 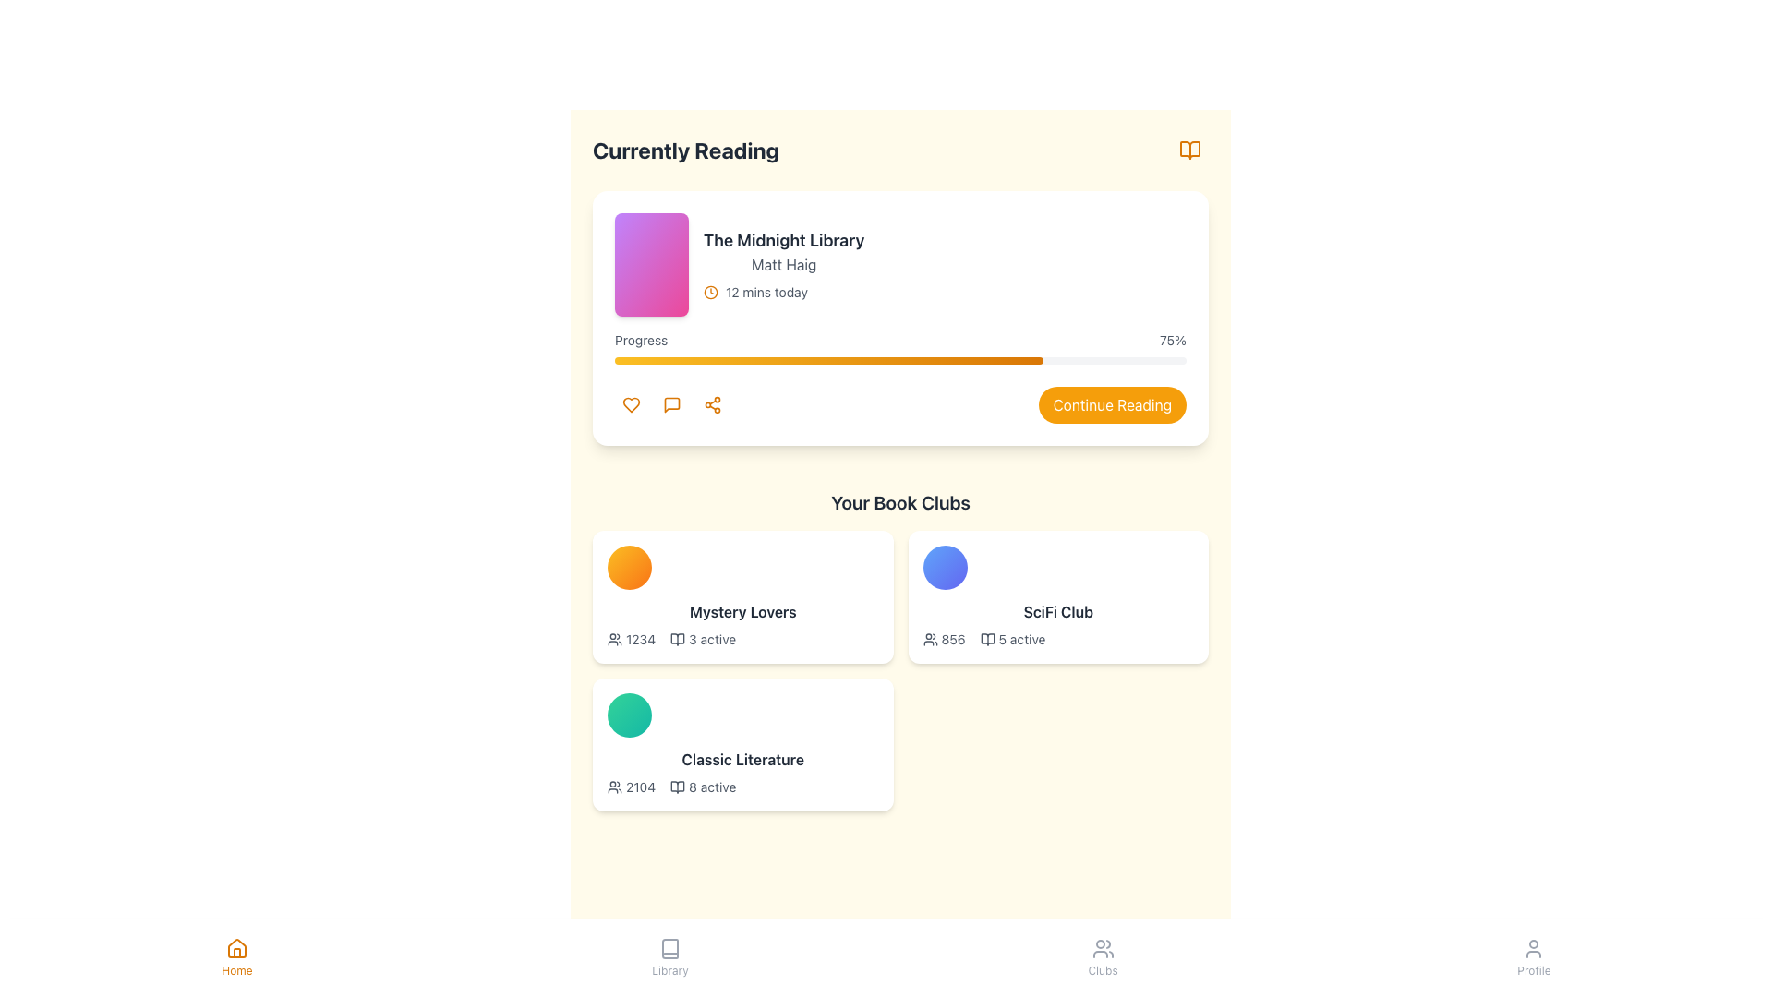 I want to click on the 'Clubs' text label located in the bottom navigation bar, which indicates the functionality of the navigation button for the 'Clubs' section, so click(x=1103, y=970).